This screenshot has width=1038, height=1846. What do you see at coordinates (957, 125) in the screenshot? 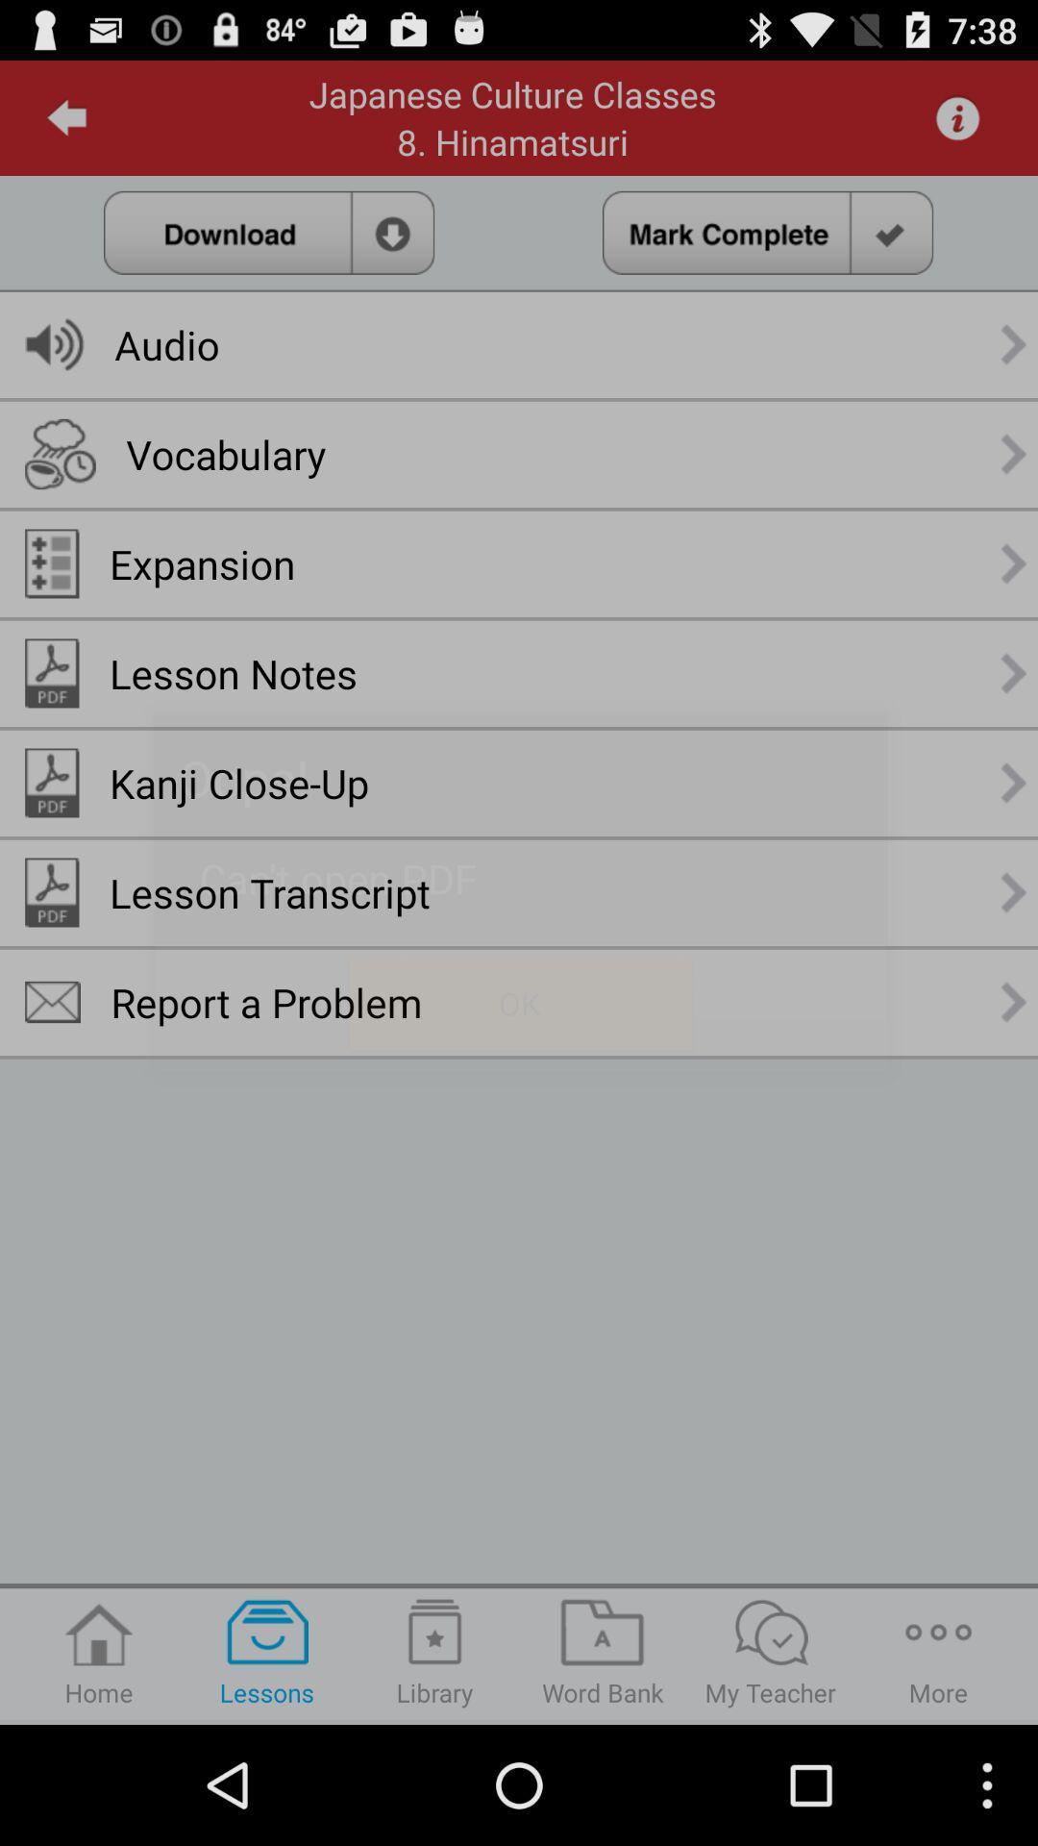
I see `the info icon` at bounding box center [957, 125].